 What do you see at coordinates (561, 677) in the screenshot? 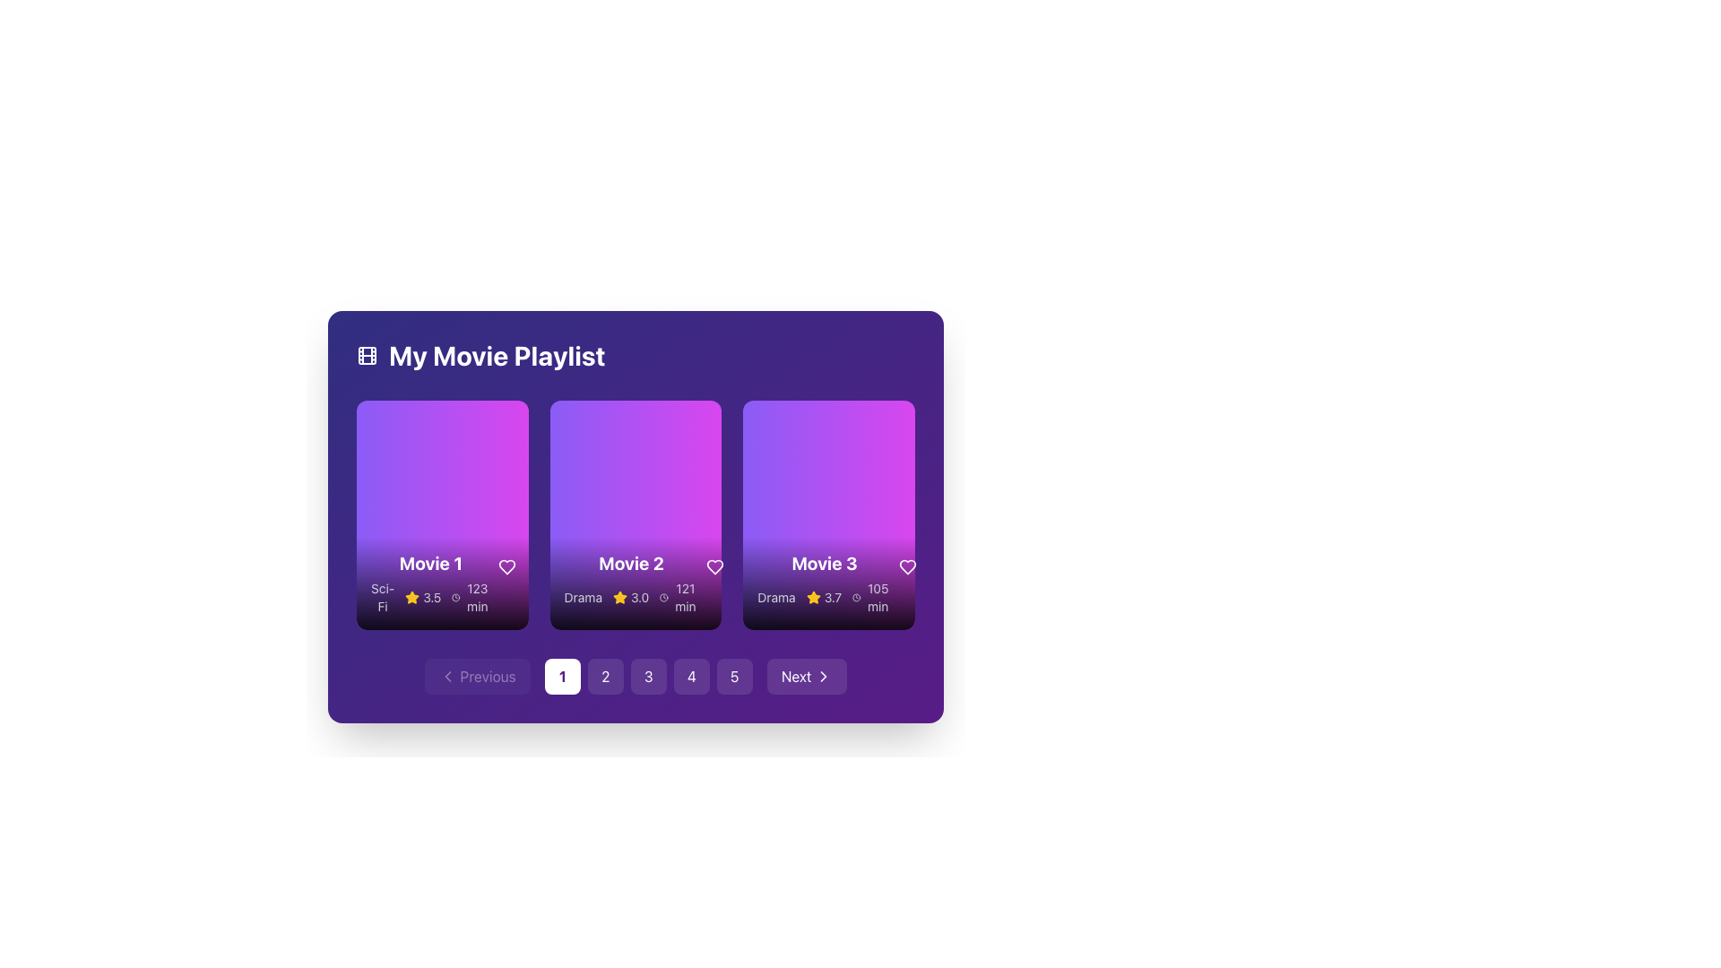
I see `the square button with rounded corners displaying the number '1'` at bounding box center [561, 677].